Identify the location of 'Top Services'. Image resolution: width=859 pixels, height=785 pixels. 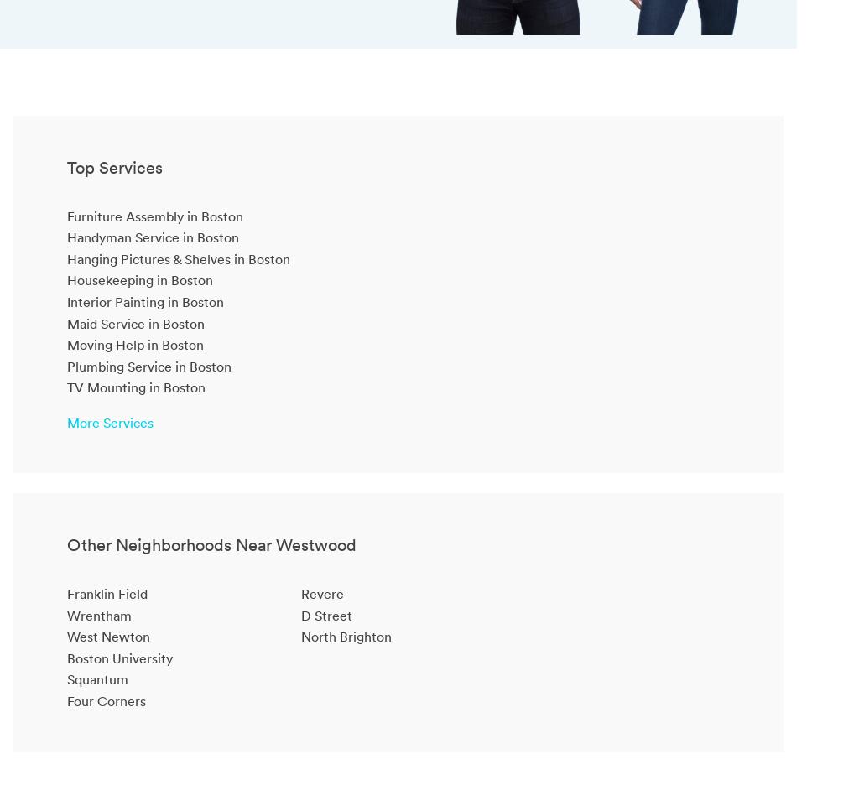
(114, 166).